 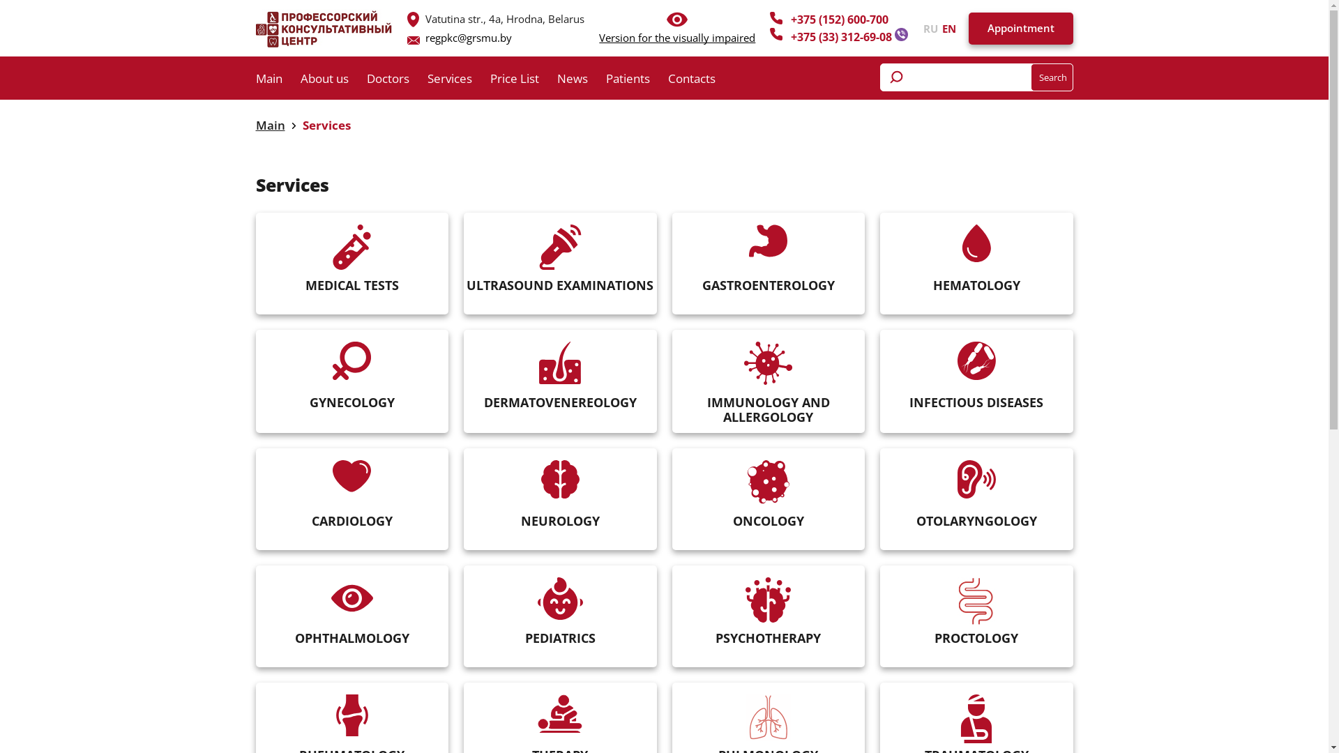 I want to click on 'Neurology', so click(x=540, y=478).